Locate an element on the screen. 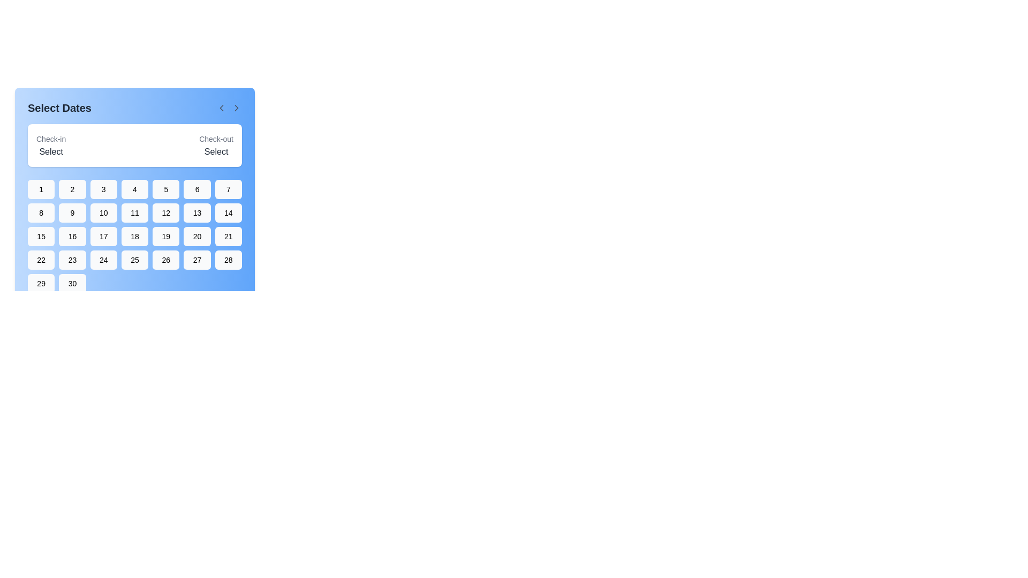  the button in the 'Select Dates' section that represents a selectable date in the calendar interface, located on the third row and fifth column of a 7x5 grid layout is located at coordinates (165, 236).